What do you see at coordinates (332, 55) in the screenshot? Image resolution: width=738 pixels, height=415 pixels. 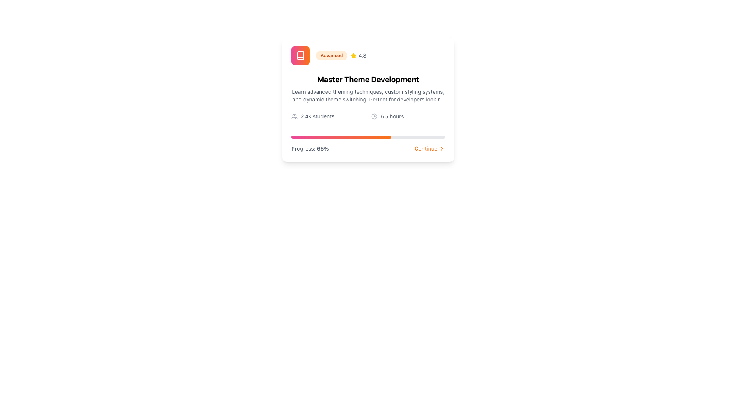 I see `the 'Advanced' proficiency label located at the top-left of the section, adjacent to a star icon and a numerical rating` at bounding box center [332, 55].